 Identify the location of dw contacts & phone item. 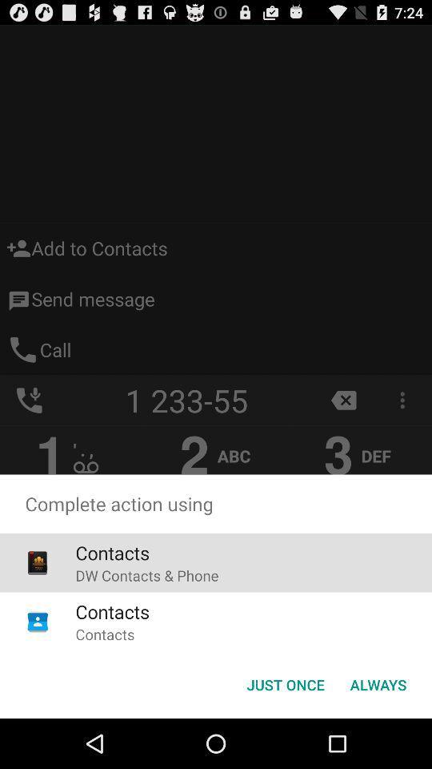
(146, 575).